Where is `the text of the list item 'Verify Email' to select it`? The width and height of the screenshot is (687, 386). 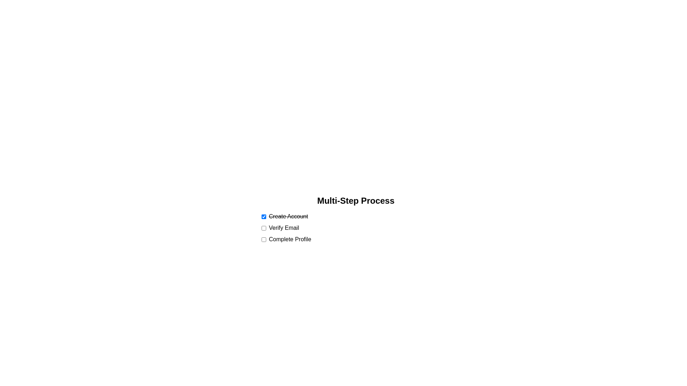 the text of the list item 'Verify Email' to select it is located at coordinates (283, 228).